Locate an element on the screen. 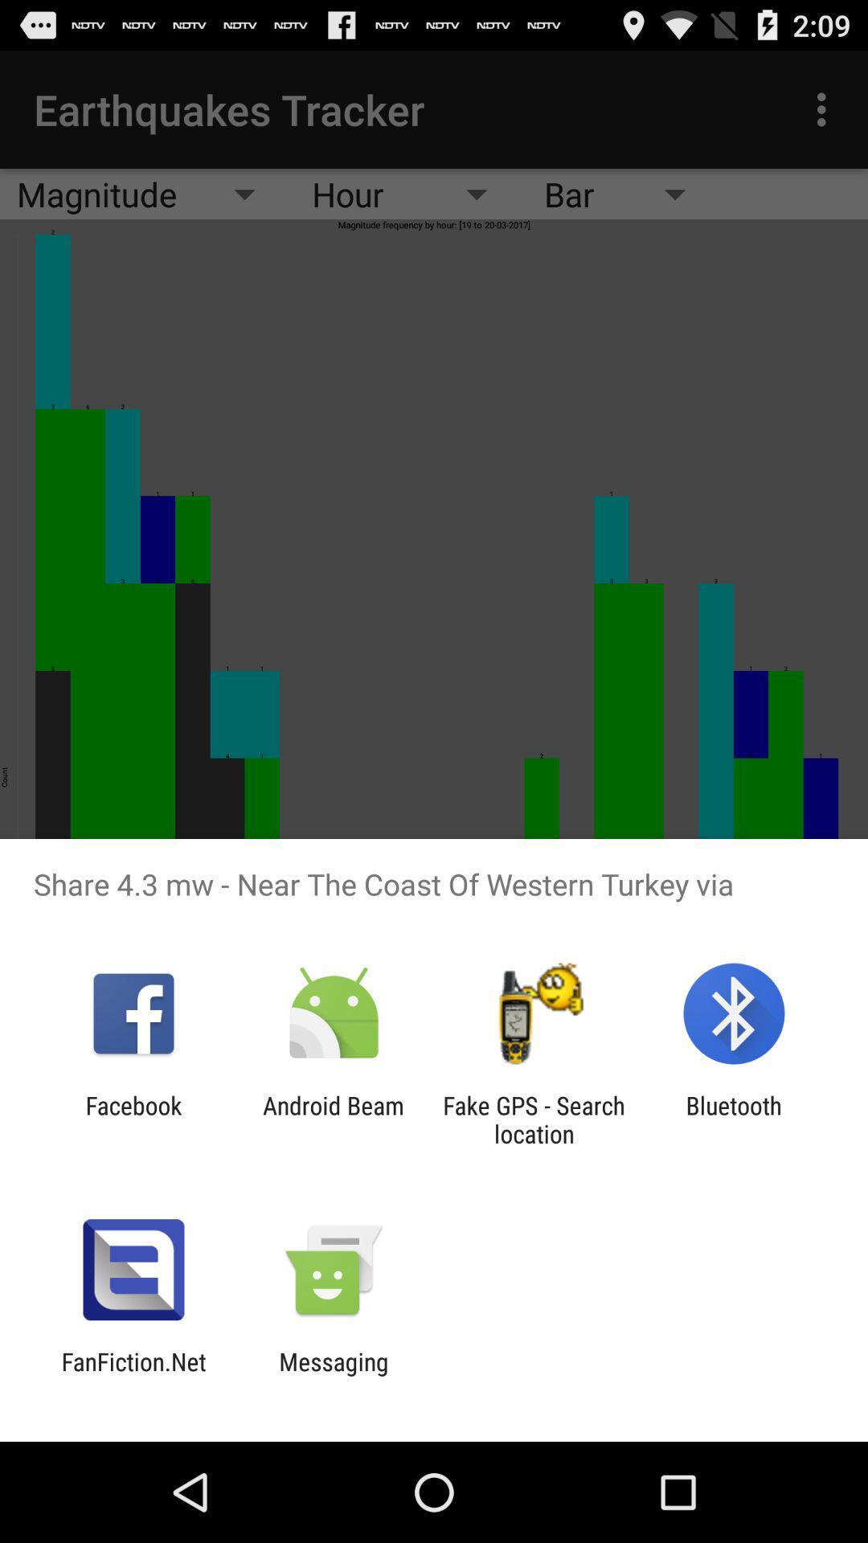 The image size is (868, 1543). icon next to facebook icon is located at coordinates (333, 1119).